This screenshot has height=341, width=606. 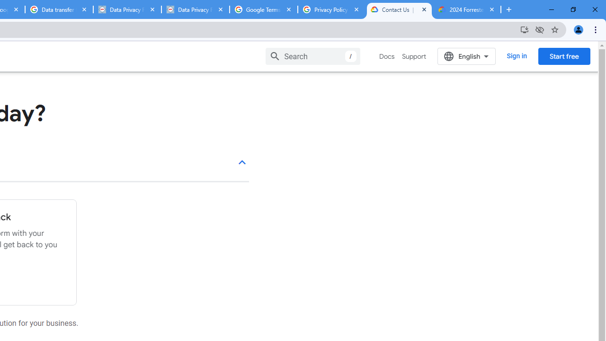 I want to click on 'Install Google Cloud', so click(x=524, y=29).